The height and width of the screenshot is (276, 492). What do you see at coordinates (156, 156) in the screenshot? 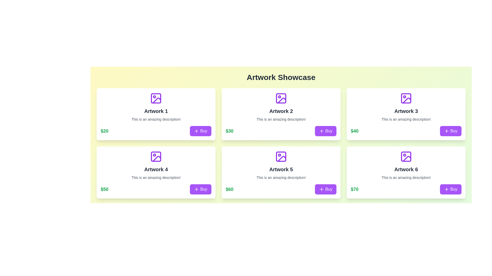
I see `the icon located at the top center of the content card for 'Artwork 4', which displays a stylized image outline in purple with a matching border` at bounding box center [156, 156].